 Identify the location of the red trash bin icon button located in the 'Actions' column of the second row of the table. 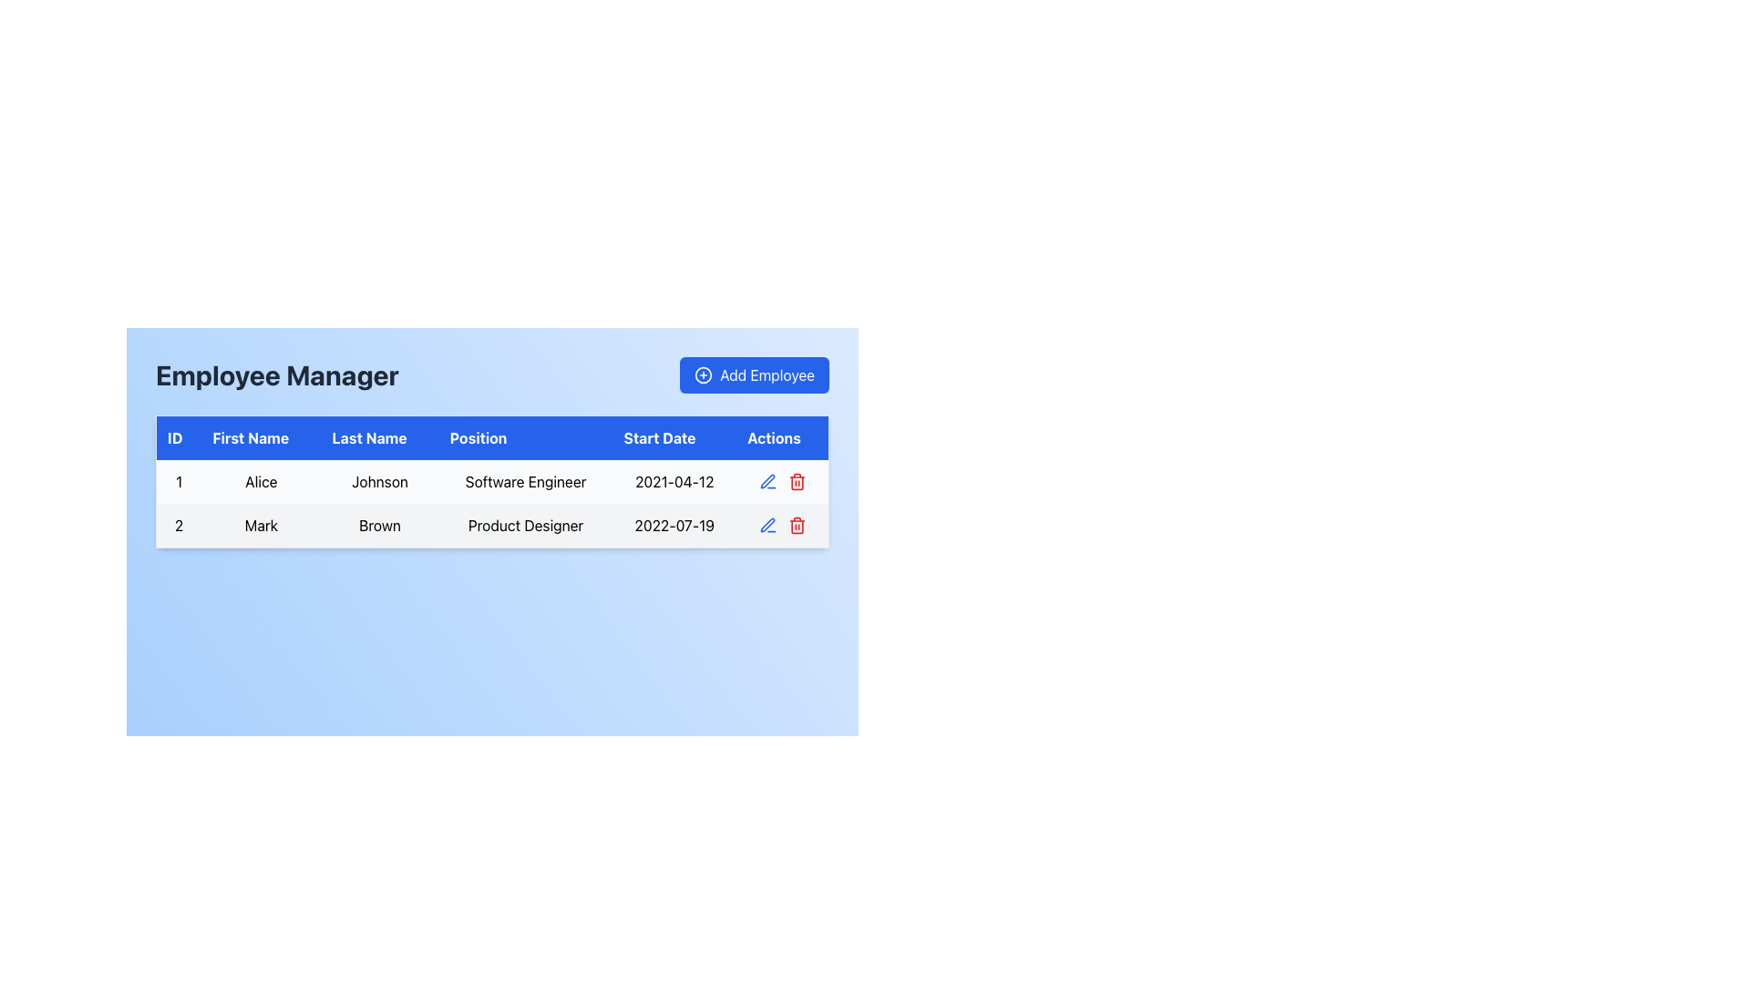
(797, 480).